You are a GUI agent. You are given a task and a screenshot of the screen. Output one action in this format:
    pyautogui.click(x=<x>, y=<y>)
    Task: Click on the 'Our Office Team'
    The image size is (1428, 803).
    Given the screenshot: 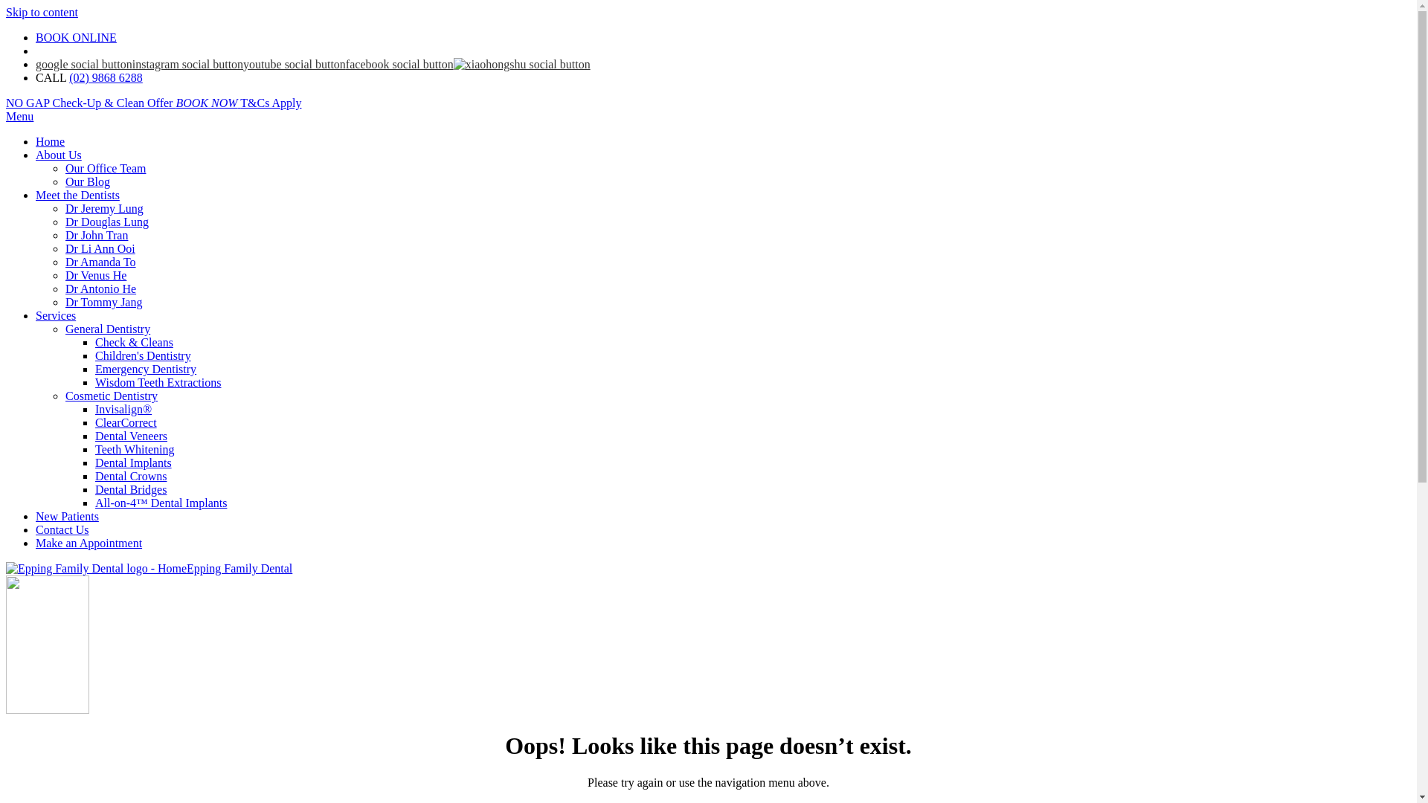 What is the action you would take?
    pyautogui.click(x=105, y=167)
    